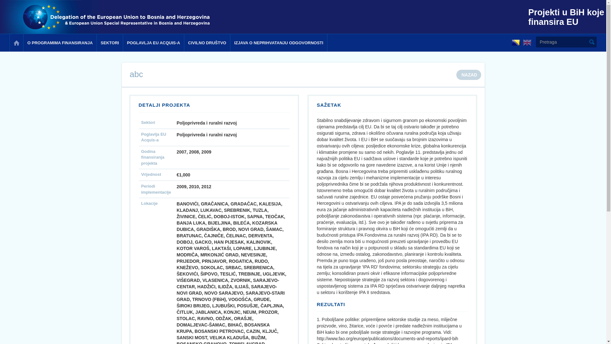  I want to click on 'NAZAD', so click(469, 75).